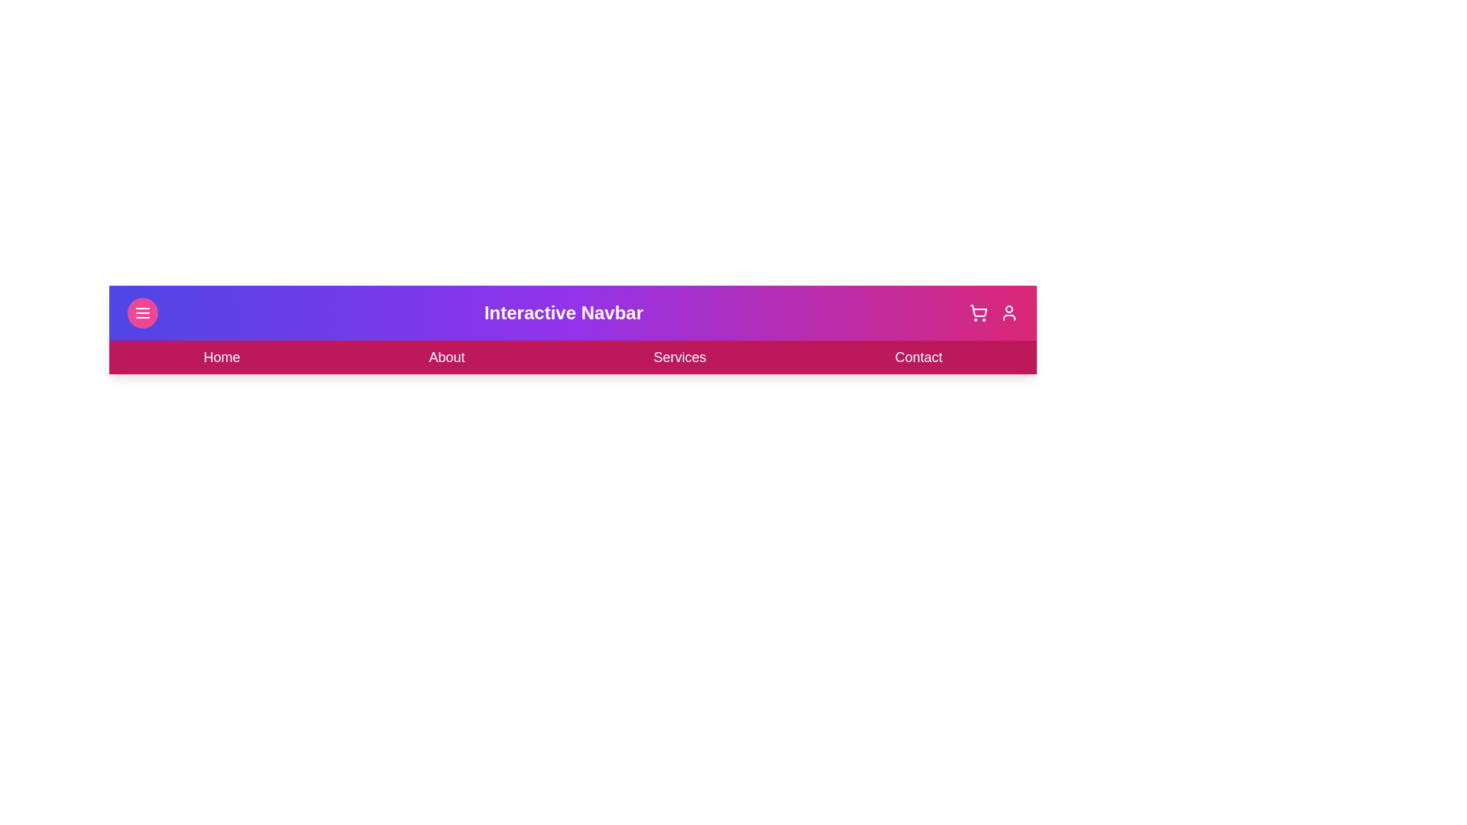 Image resolution: width=1467 pixels, height=825 pixels. What do you see at coordinates (678, 357) in the screenshot?
I see `the 'Services' button in the navigation bar` at bounding box center [678, 357].